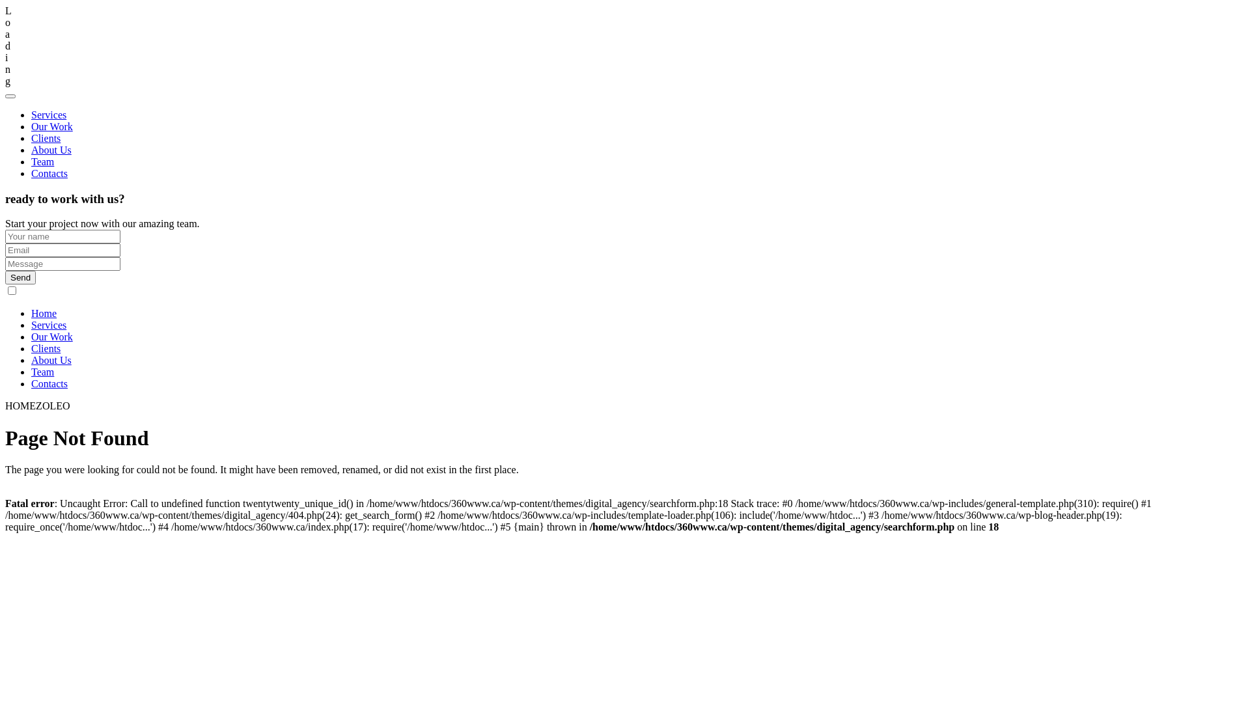 This screenshot has width=1250, height=703. Describe the element at coordinates (20, 277) in the screenshot. I see `'Send'` at that location.